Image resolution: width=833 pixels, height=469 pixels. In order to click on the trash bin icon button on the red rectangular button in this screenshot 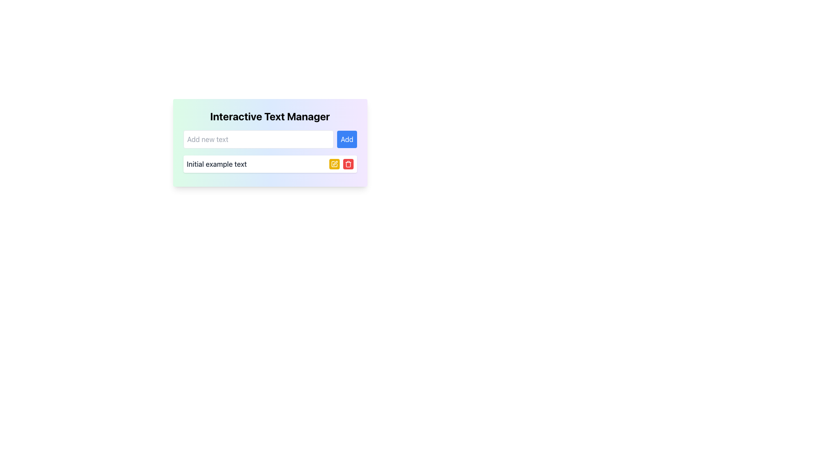, I will do `click(348, 164)`.